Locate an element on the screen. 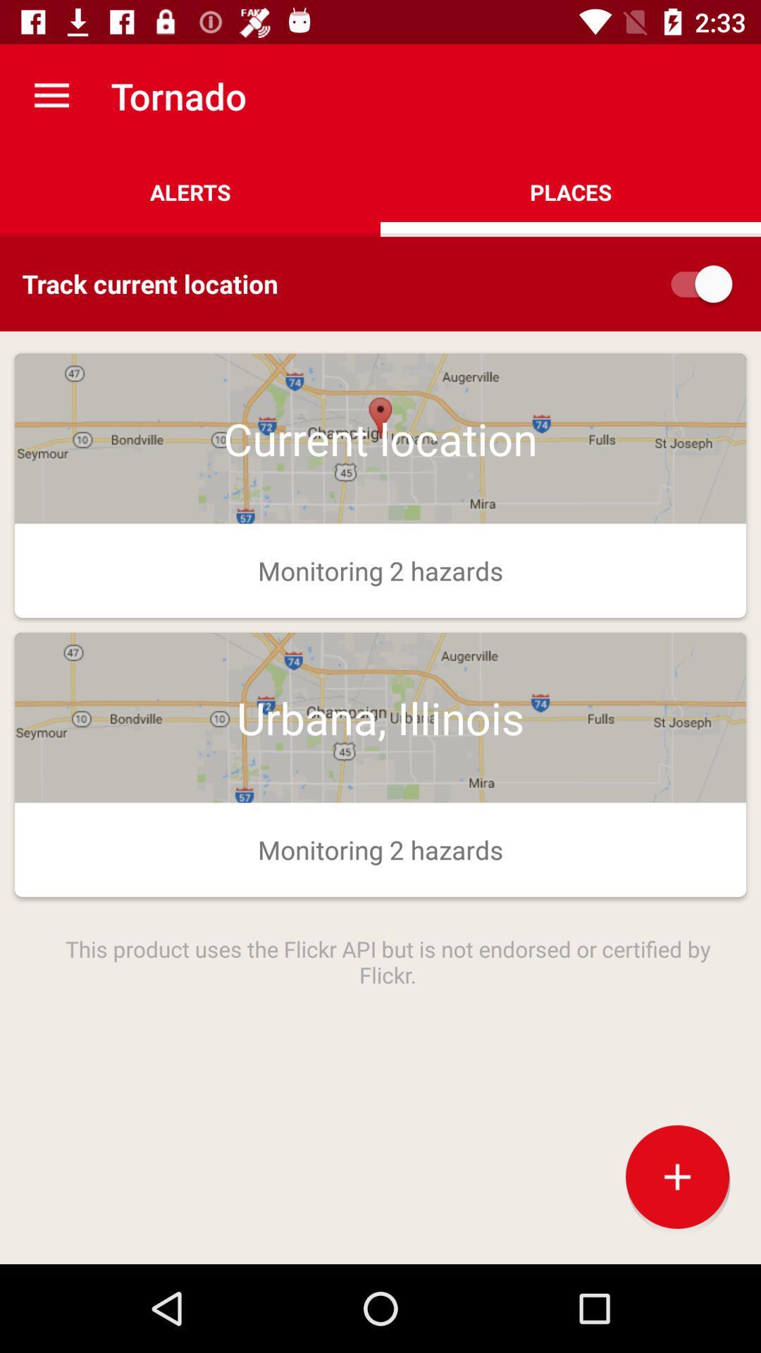  places is located at coordinates (571, 192).